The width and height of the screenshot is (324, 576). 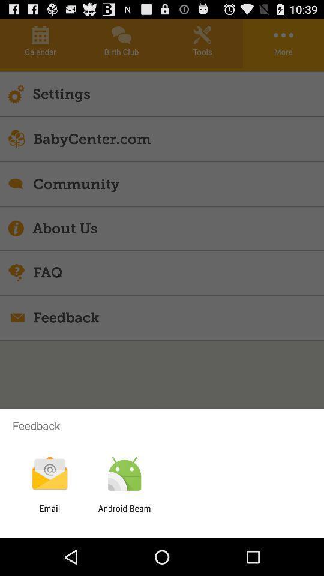 I want to click on the android beam, so click(x=124, y=513).